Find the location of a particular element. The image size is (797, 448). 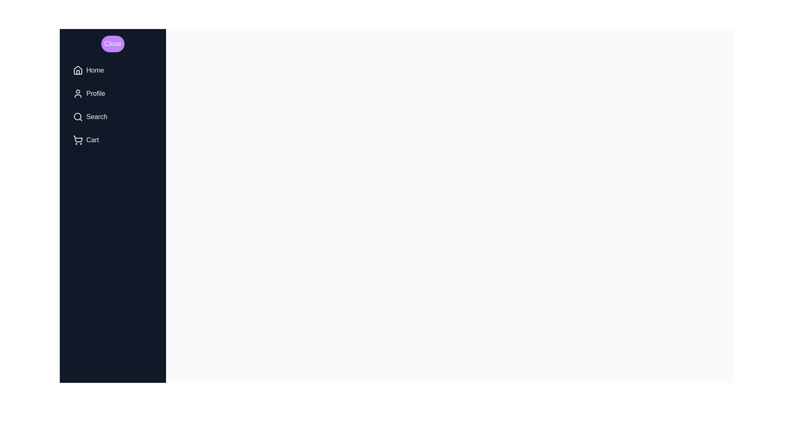

the menu item Cart to select it is located at coordinates (112, 140).